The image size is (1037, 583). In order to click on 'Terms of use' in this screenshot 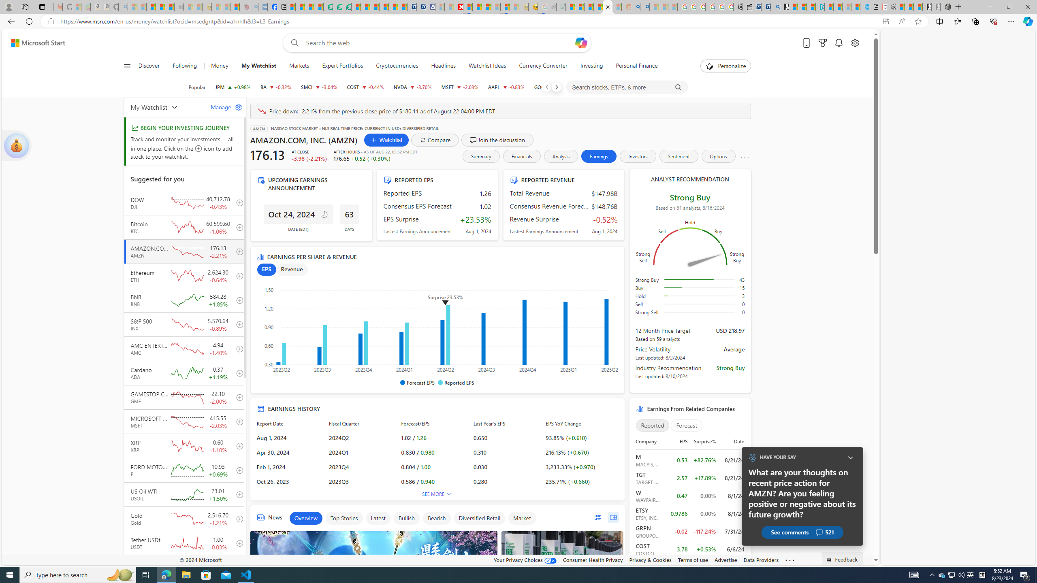, I will do `click(693, 560)`.